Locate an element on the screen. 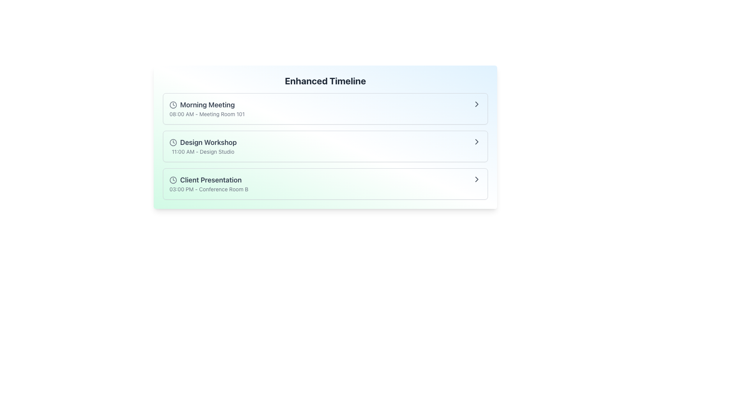  the Chevron icon (right-pointing arrow) is located at coordinates (476, 104).